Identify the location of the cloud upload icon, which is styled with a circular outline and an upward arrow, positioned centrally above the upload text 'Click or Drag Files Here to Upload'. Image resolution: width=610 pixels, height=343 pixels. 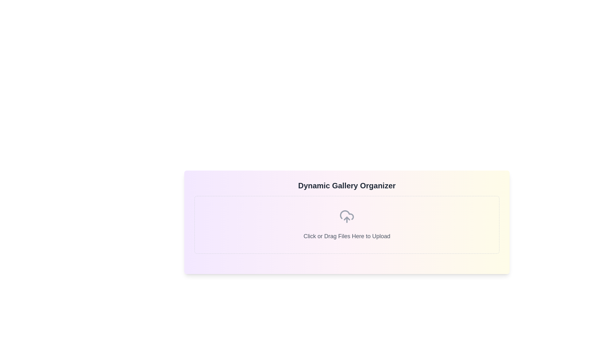
(346, 216).